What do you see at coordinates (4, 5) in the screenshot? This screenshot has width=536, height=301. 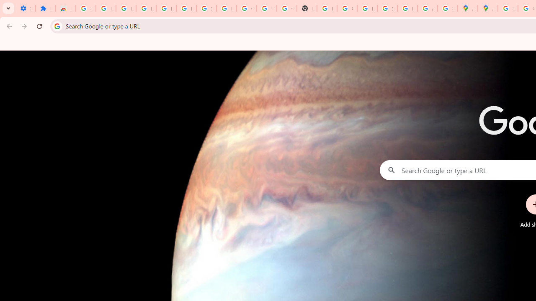 I see `'System'` at bounding box center [4, 5].